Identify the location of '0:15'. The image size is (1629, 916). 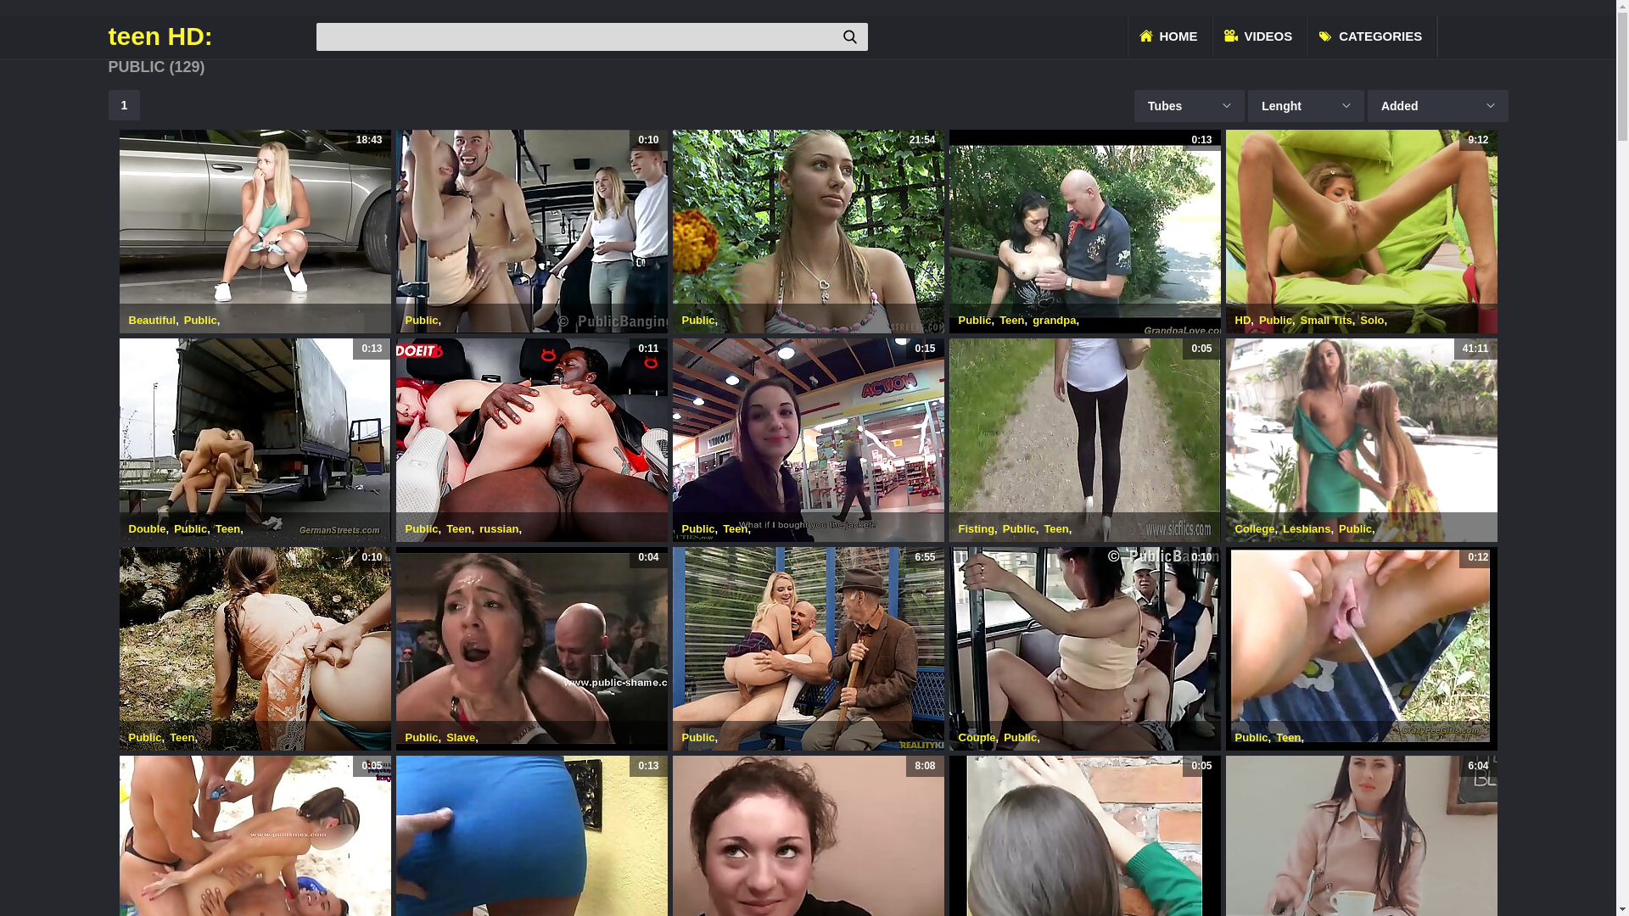
(806, 439).